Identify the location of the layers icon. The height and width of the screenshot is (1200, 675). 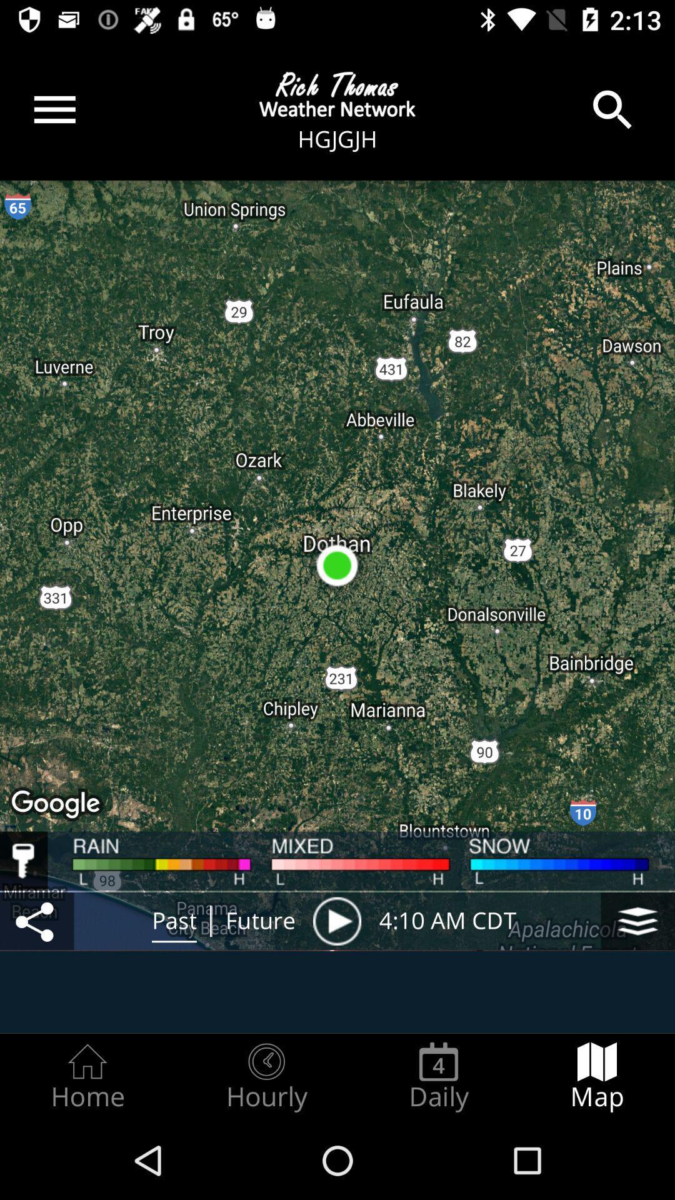
(637, 921).